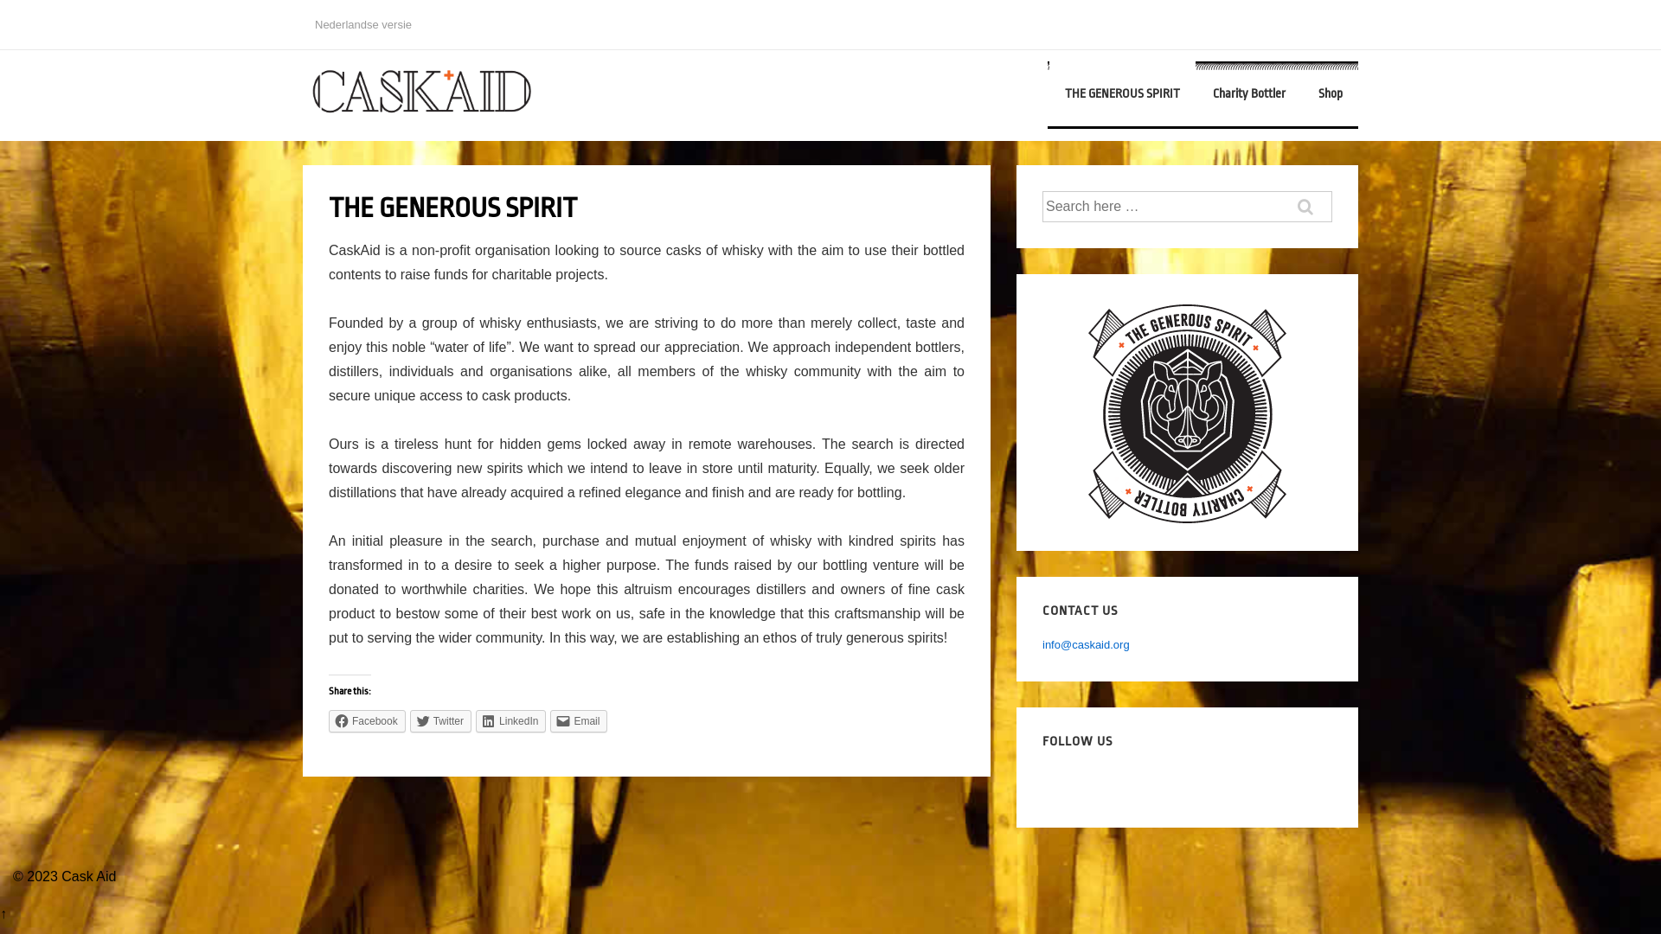  What do you see at coordinates (1329, 93) in the screenshot?
I see `'Shop'` at bounding box center [1329, 93].